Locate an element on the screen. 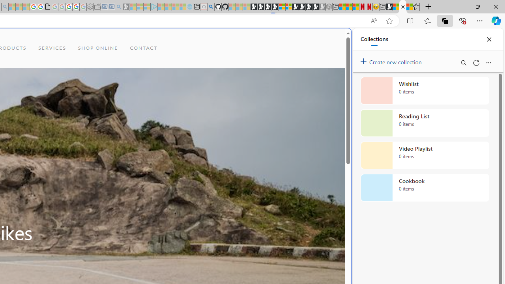 The image size is (505, 284). 'CONTACT' is located at coordinates (144, 48).